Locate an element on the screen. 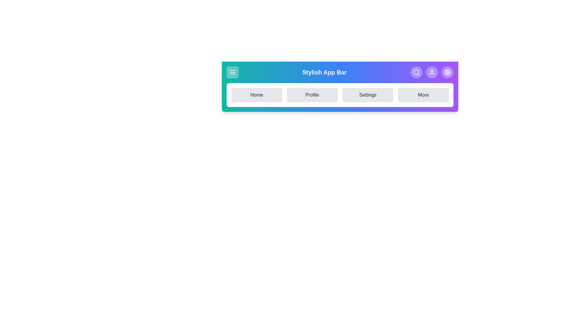 The image size is (574, 323). the Search icon in the StylishAppBar is located at coordinates (416, 72).